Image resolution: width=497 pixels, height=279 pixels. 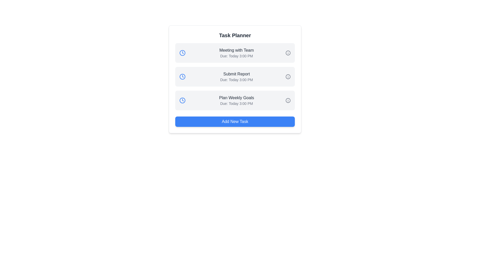 I want to click on the static text label indicating the deadline for the task titled 'Submit Report', located directly below the 'Submit Report' heading in the second task panel, so click(x=236, y=80).